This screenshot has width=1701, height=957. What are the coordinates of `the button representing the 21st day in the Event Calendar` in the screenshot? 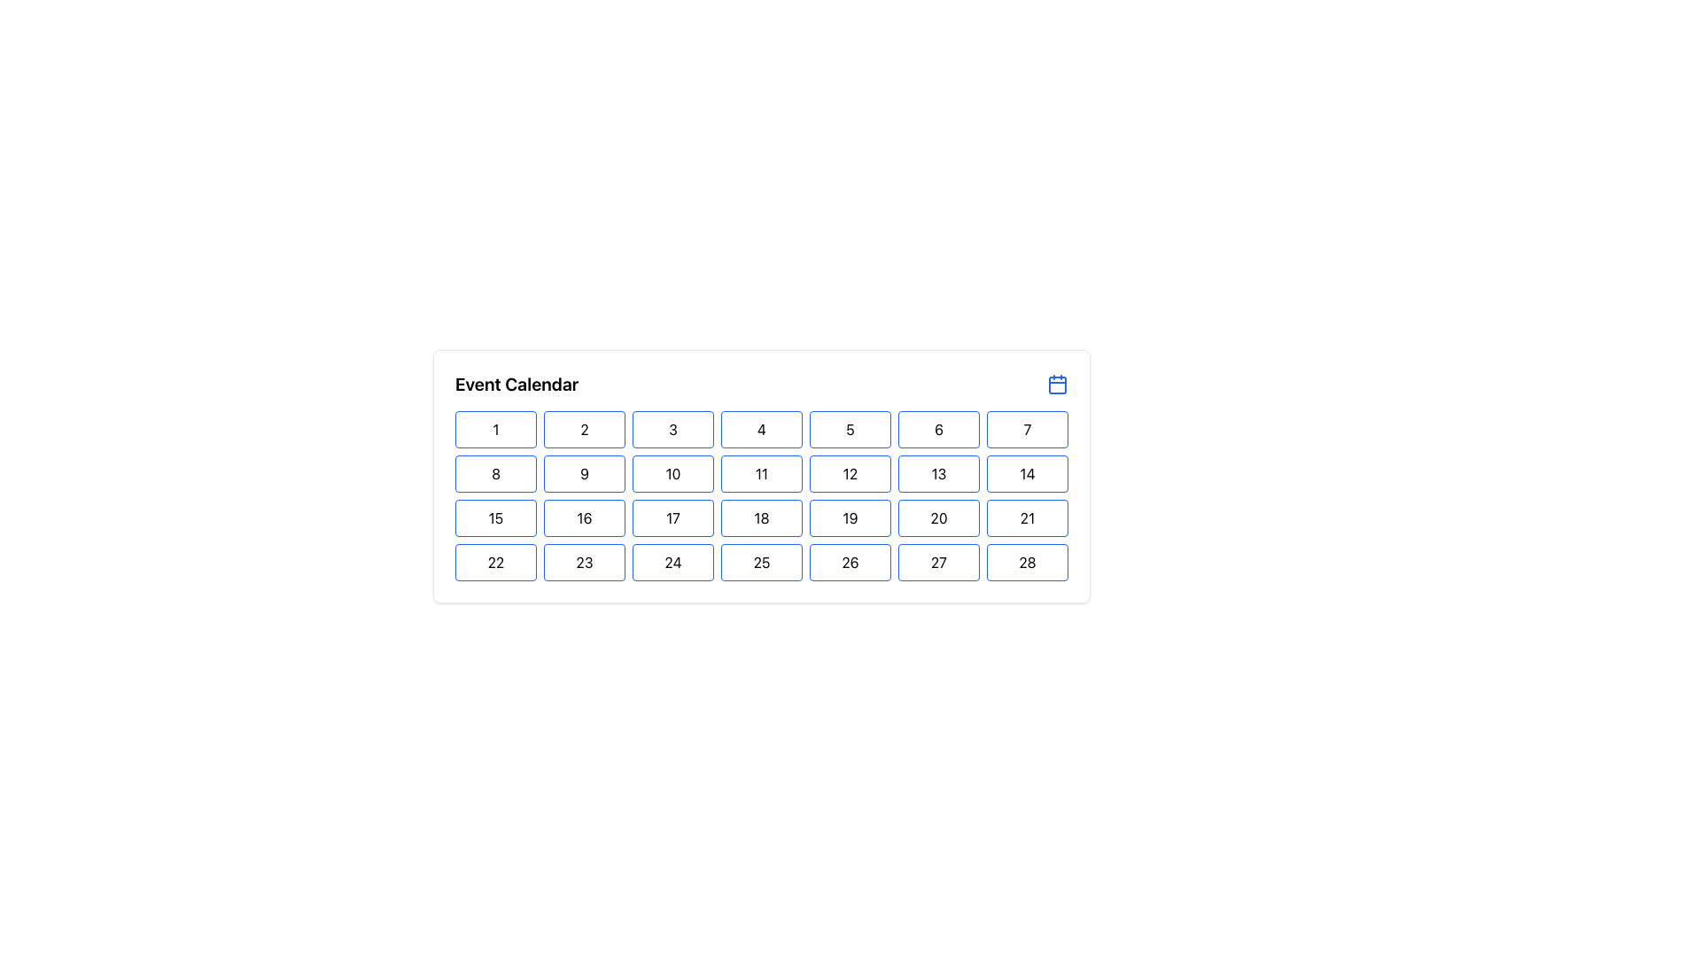 It's located at (1028, 518).